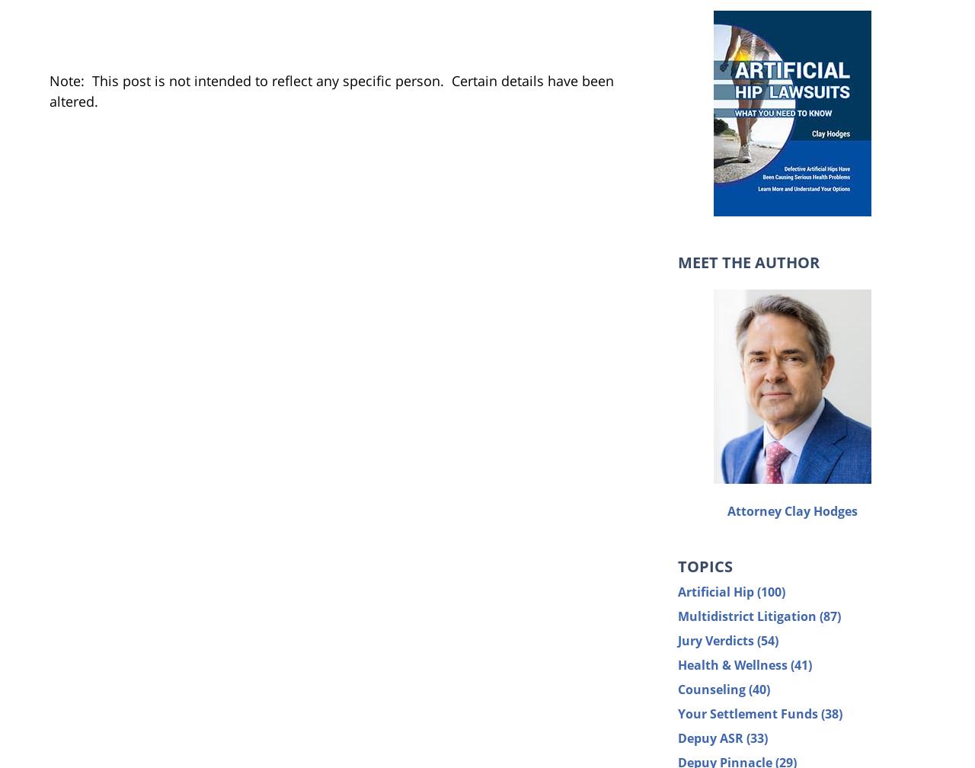  I want to click on 'Health & Wellness', so click(734, 664).